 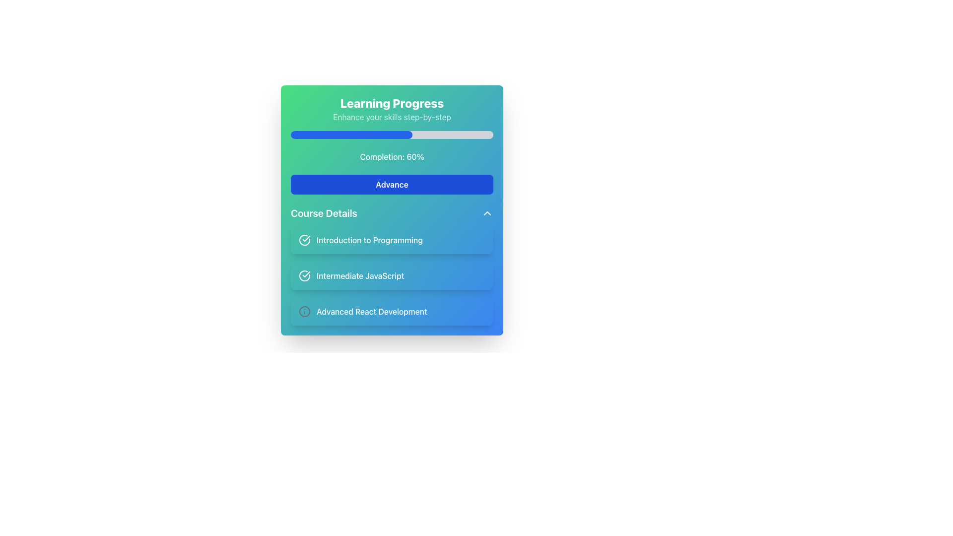 I want to click on the upward-pointing chevron icon with a white stroke color in the 'Course Details' section, so click(x=487, y=212).